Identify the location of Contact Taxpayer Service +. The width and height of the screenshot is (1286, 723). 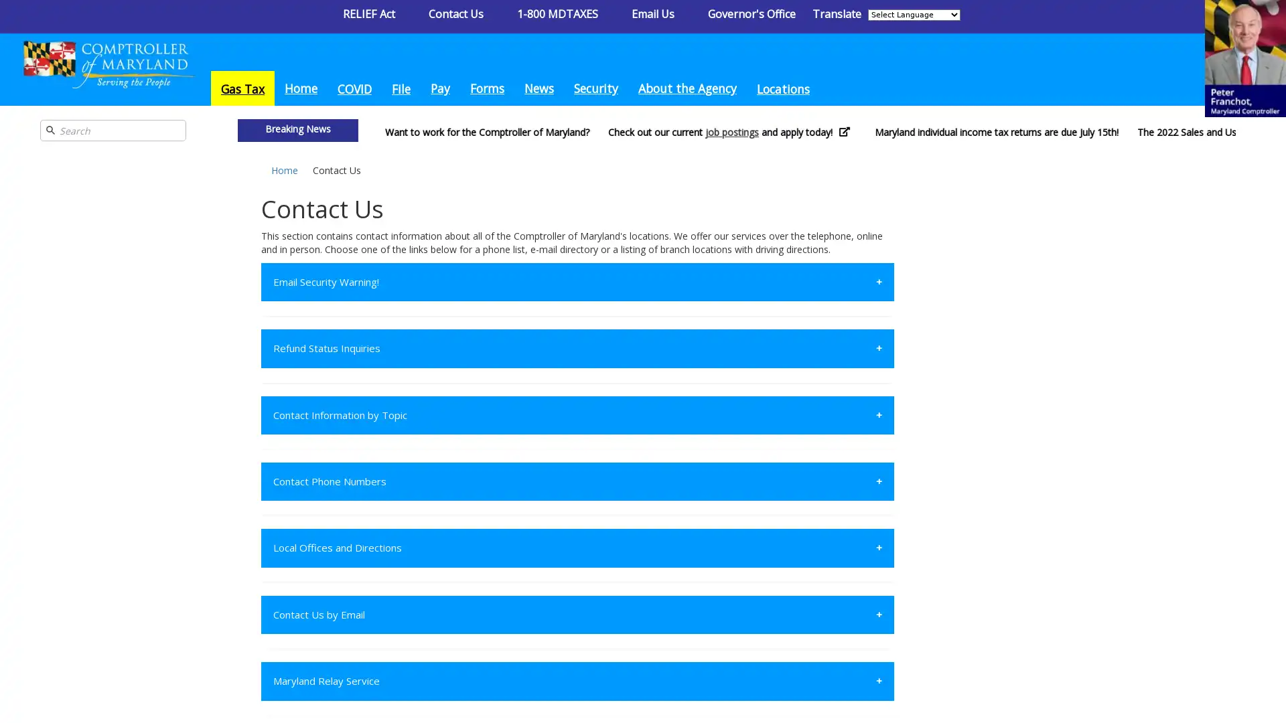
(577, 533).